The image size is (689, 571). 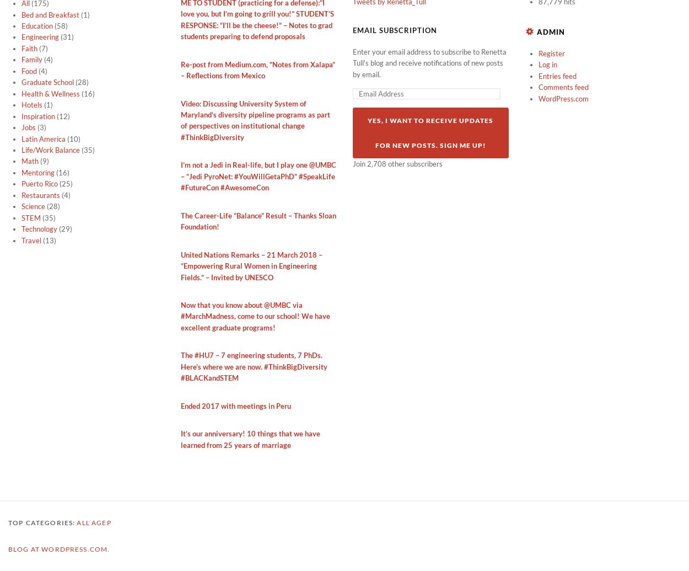 I want to click on 'Log in', so click(x=547, y=64).